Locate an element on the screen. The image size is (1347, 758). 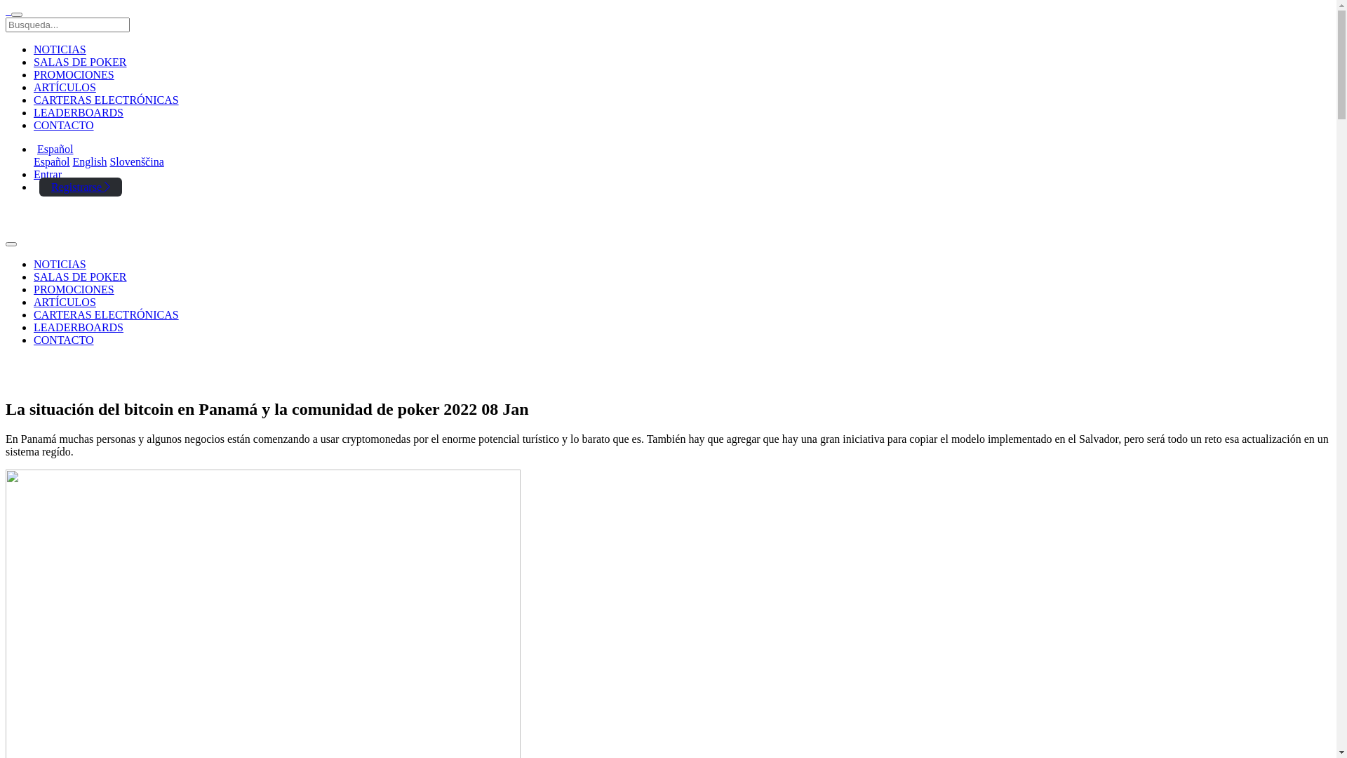
'LEADERBOARDS' is located at coordinates (34, 327).